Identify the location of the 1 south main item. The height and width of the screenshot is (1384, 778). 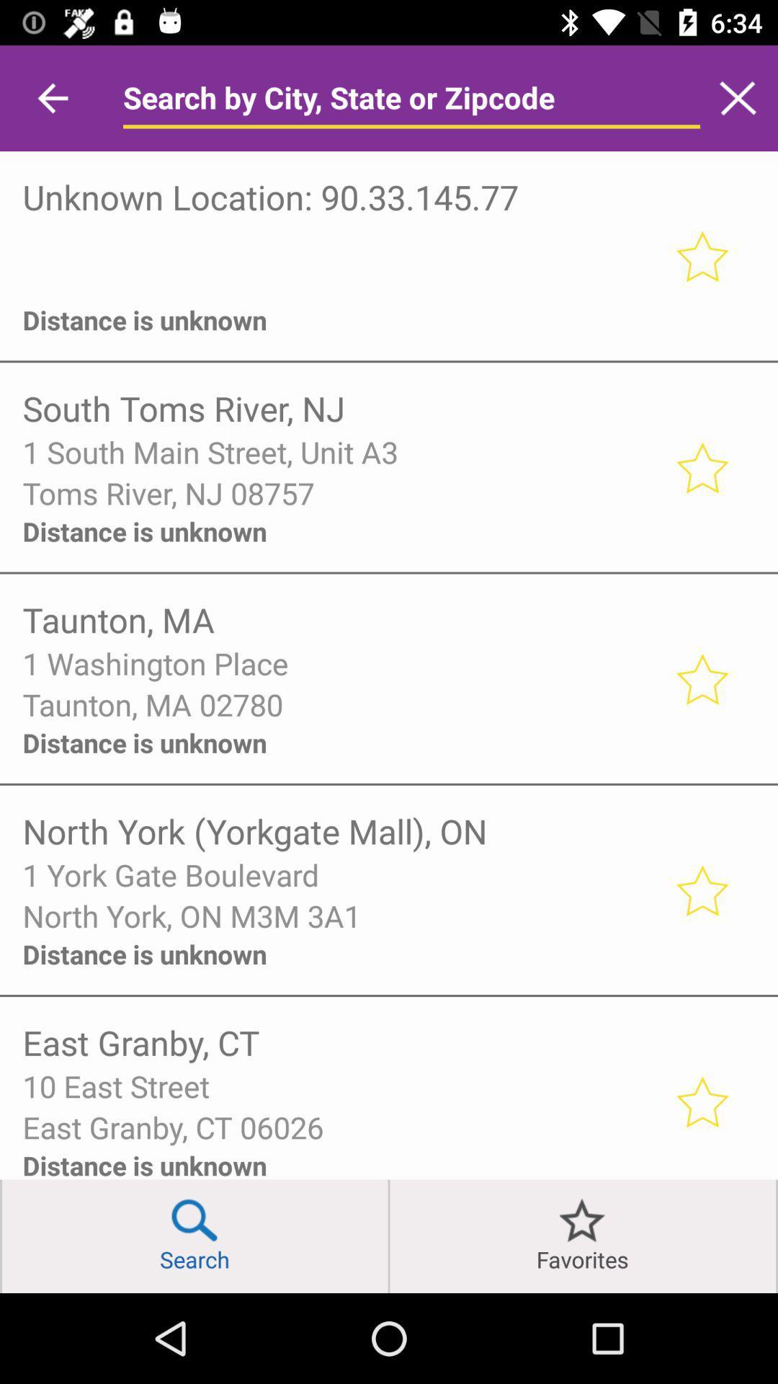
(339, 451).